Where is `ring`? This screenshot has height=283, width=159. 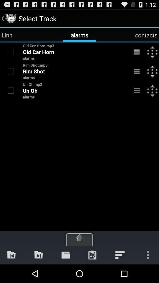
ring is located at coordinates (11, 52).